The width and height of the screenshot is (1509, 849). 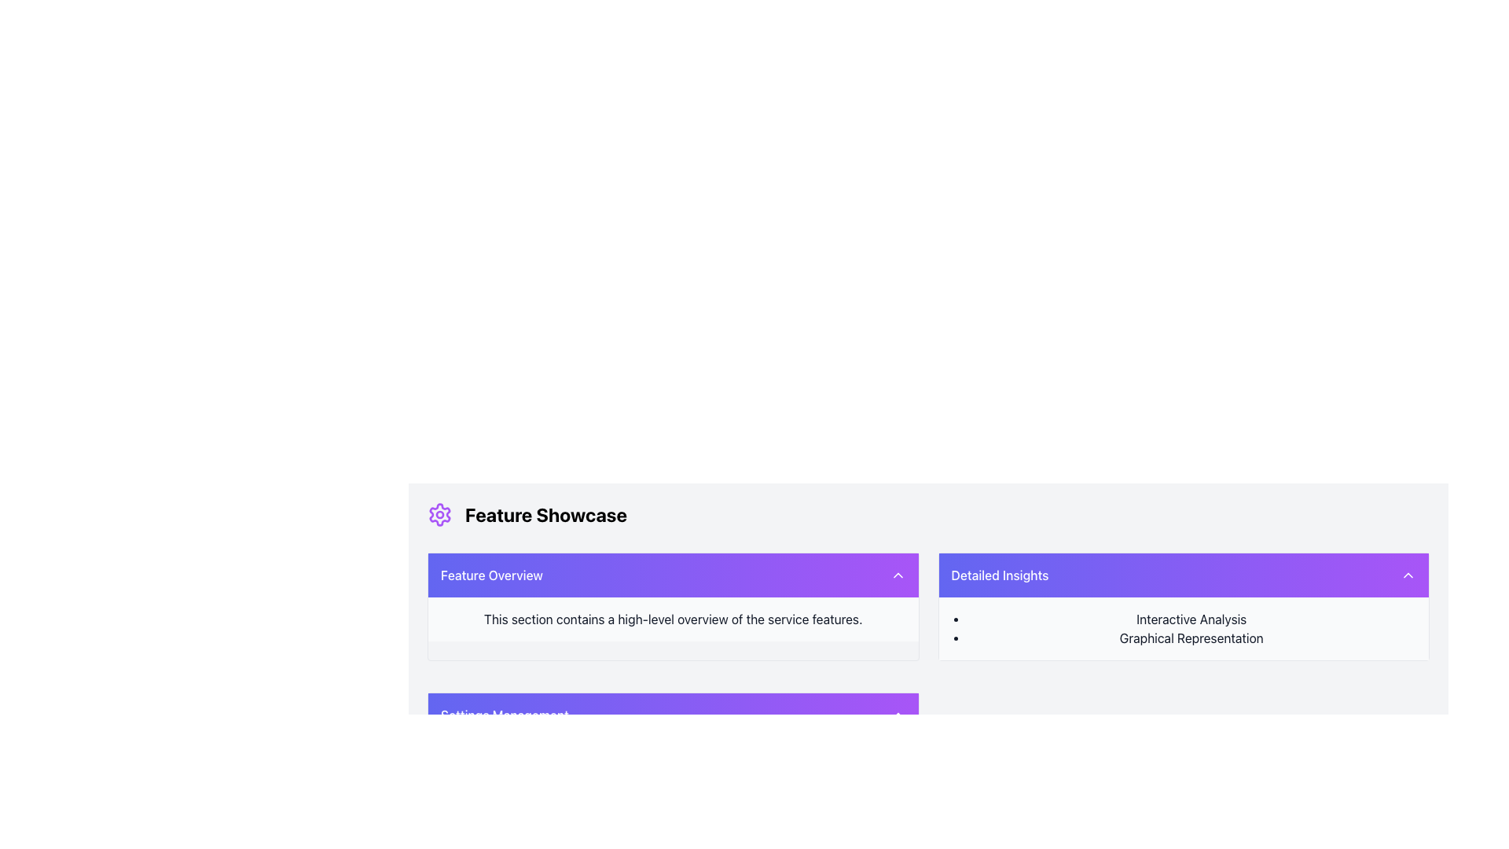 I want to click on any sub-item in the Bullet-point list located below the 'Detailed Insights' section with a purple header, so click(x=1184, y=627).